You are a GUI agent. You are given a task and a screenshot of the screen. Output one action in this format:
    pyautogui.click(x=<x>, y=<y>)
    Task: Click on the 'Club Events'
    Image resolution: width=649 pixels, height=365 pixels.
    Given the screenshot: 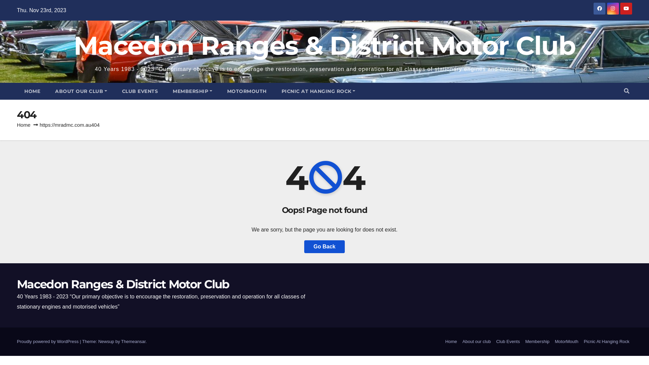 What is the action you would take?
    pyautogui.click(x=508, y=341)
    